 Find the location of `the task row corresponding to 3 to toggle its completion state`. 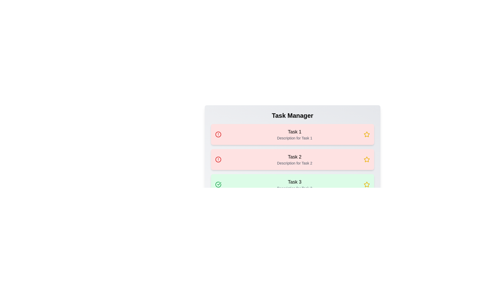

the task row corresponding to 3 to toggle its completion state is located at coordinates (292, 184).